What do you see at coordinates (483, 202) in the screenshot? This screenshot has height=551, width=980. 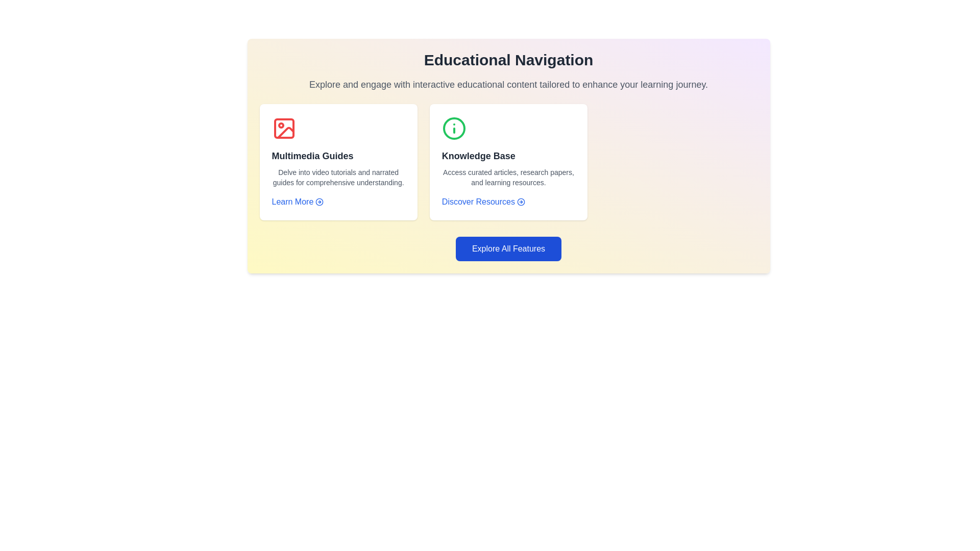 I see `the textual hyperlink 'Discover Resources' styled with the class 'text-blue-600' located in the second card under the 'Knowledge Base' section` at bounding box center [483, 202].